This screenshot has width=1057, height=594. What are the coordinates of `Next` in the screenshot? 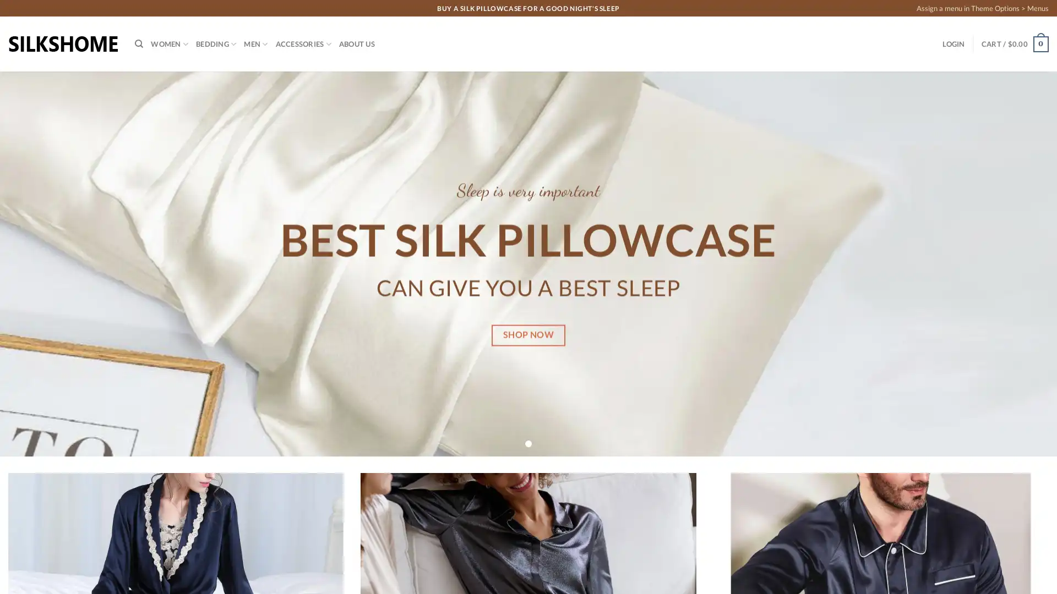 It's located at (1021, 263).